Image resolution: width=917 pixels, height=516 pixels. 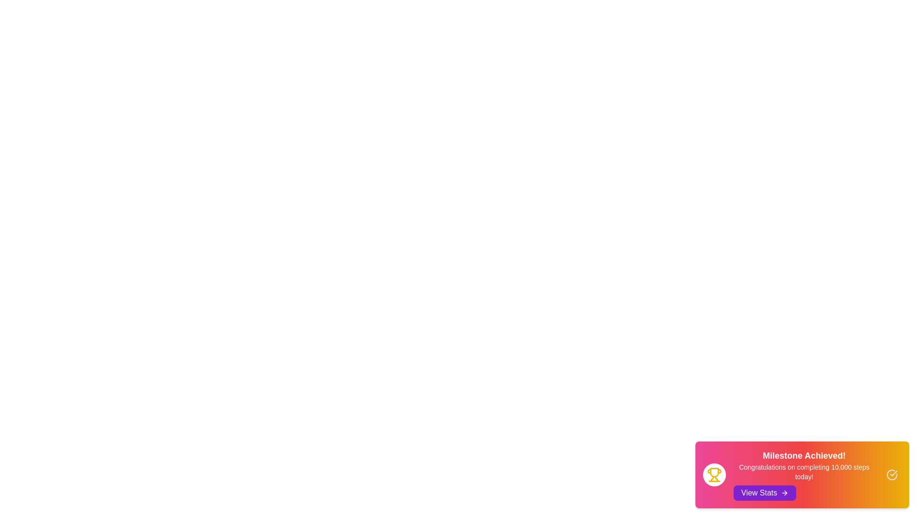 What do you see at coordinates (765, 493) in the screenshot?
I see `the 'View Stats' button to view the statistics` at bounding box center [765, 493].